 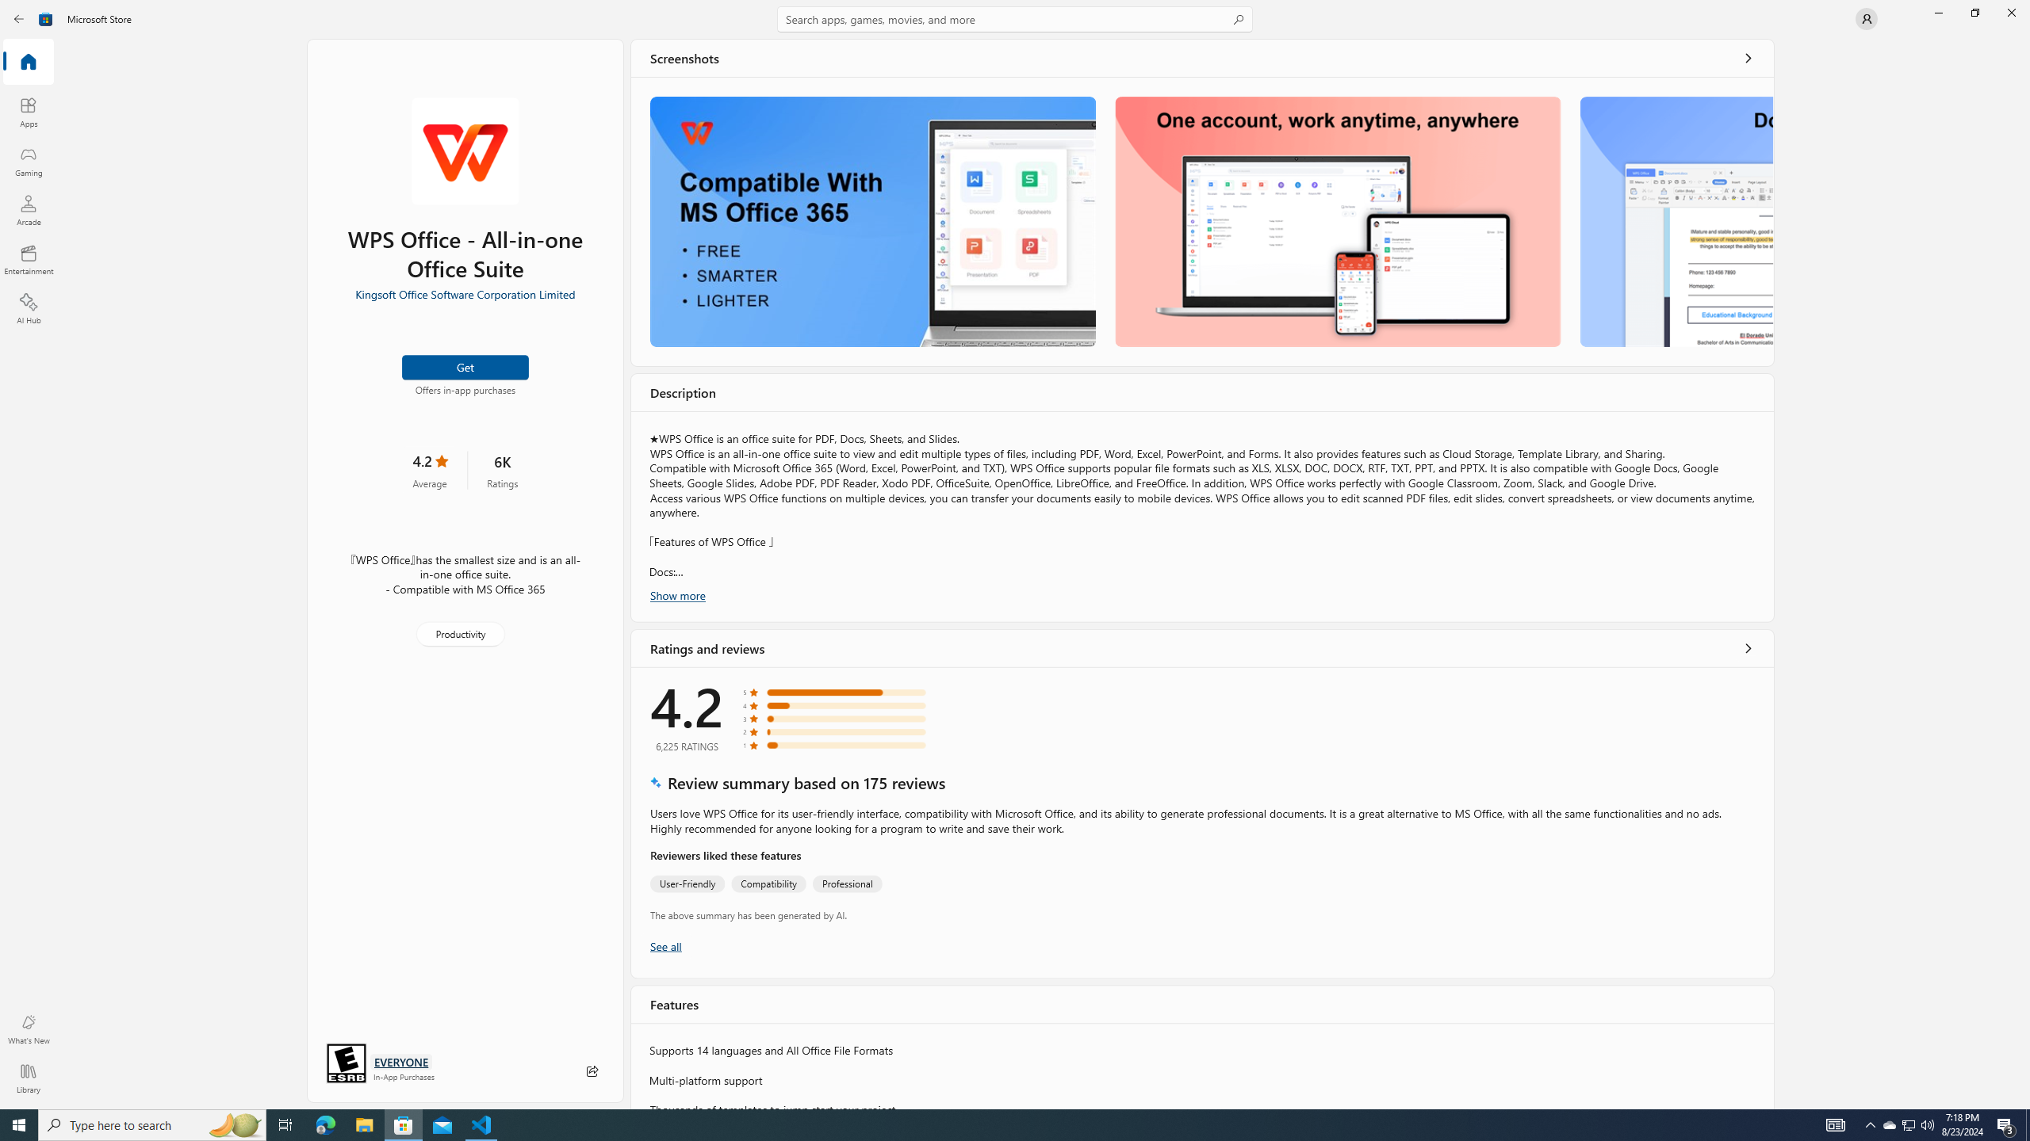 I want to click on 'Show more', so click(x=676, y=594).